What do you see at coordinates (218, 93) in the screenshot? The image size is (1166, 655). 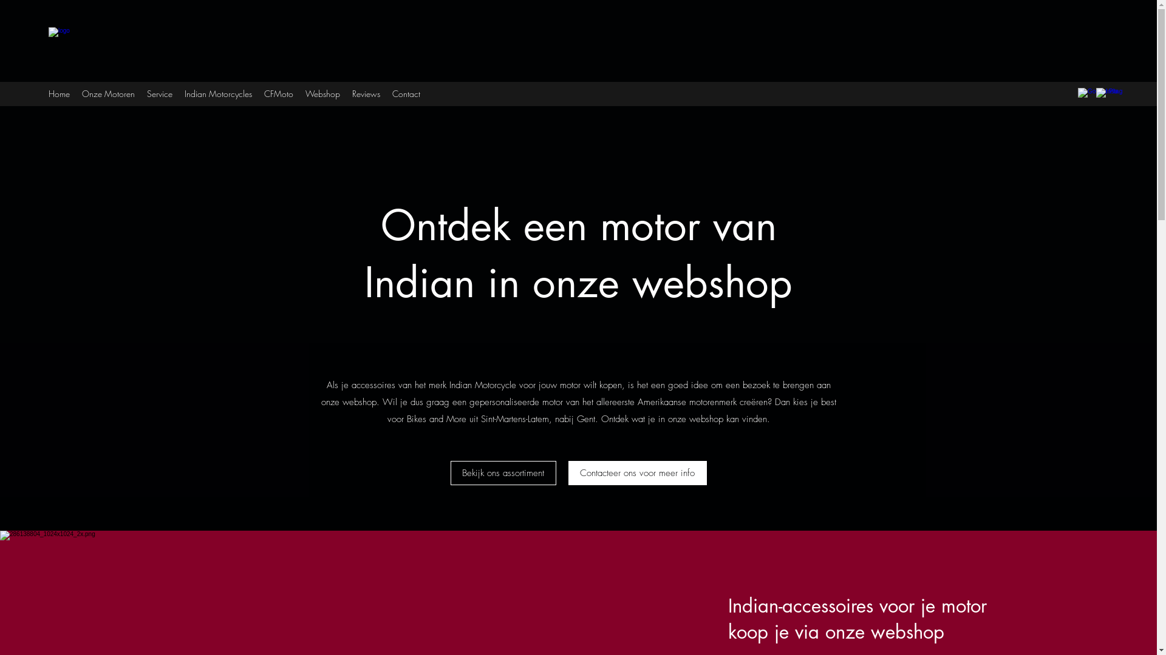 I see `'Indian Motorcycles'` at bounding box center [218, 93].